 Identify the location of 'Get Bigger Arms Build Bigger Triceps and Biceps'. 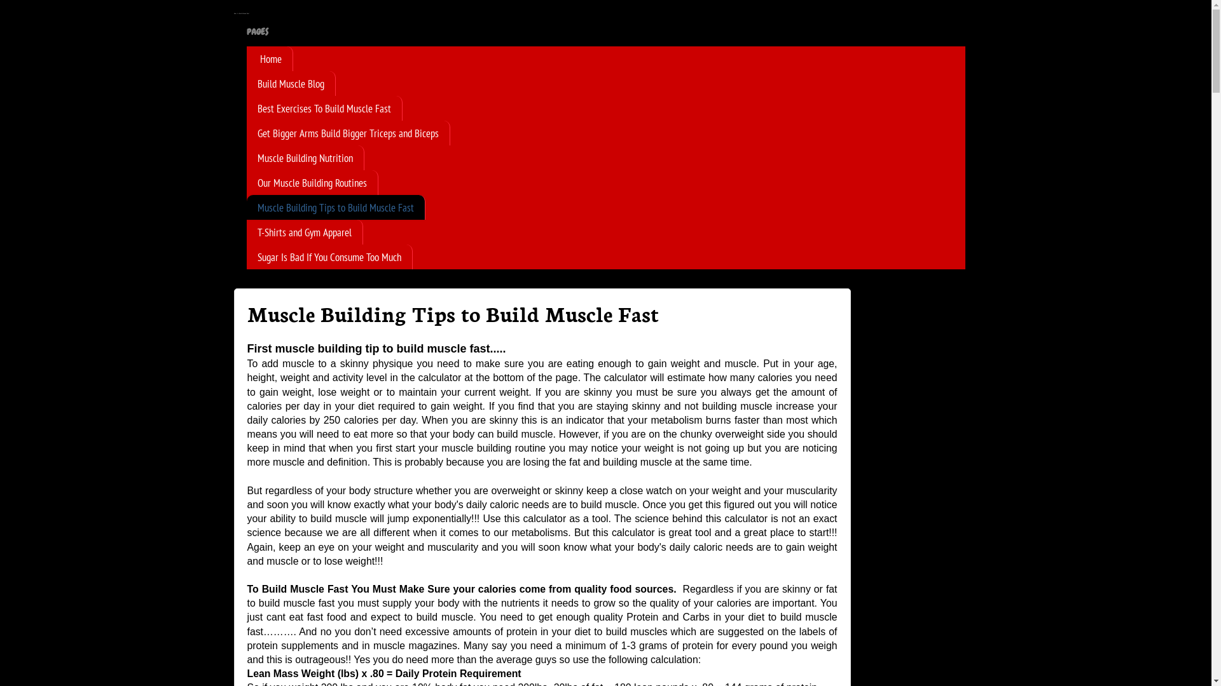
(348, 133).